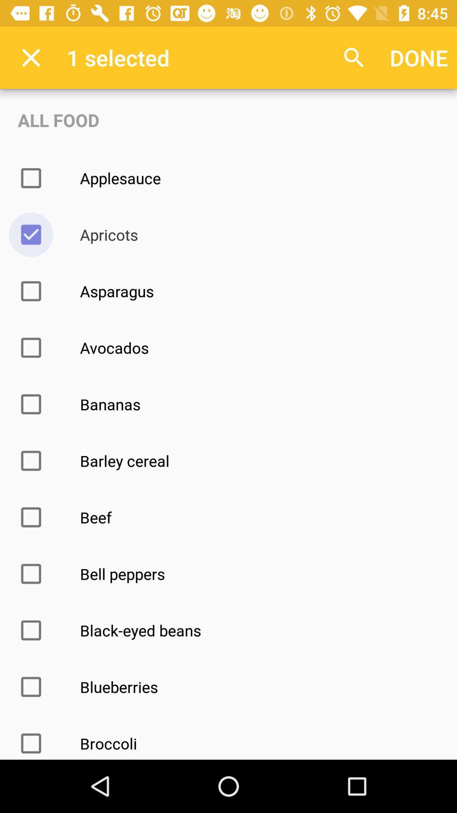 The image size is (457, 813). What do you see at coordinates (30, 57) in the screenshot?
I see `app to the left of the 1 selected icon` at bounding box center [30, 57].